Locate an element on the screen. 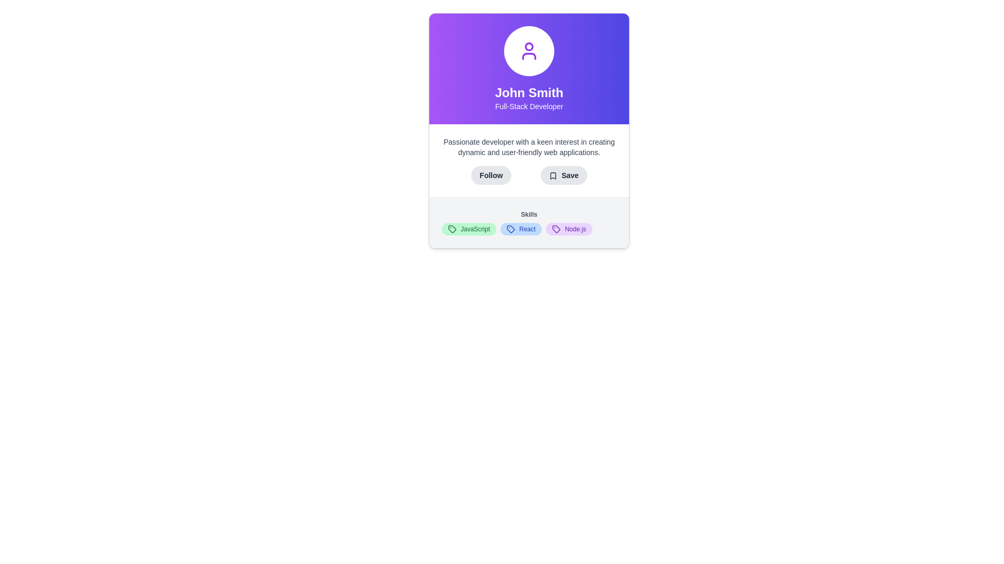  the 'Save' icon (SVG graphic) located next to the 'Save' button in the user profile card is located at coordinates (553, 175).